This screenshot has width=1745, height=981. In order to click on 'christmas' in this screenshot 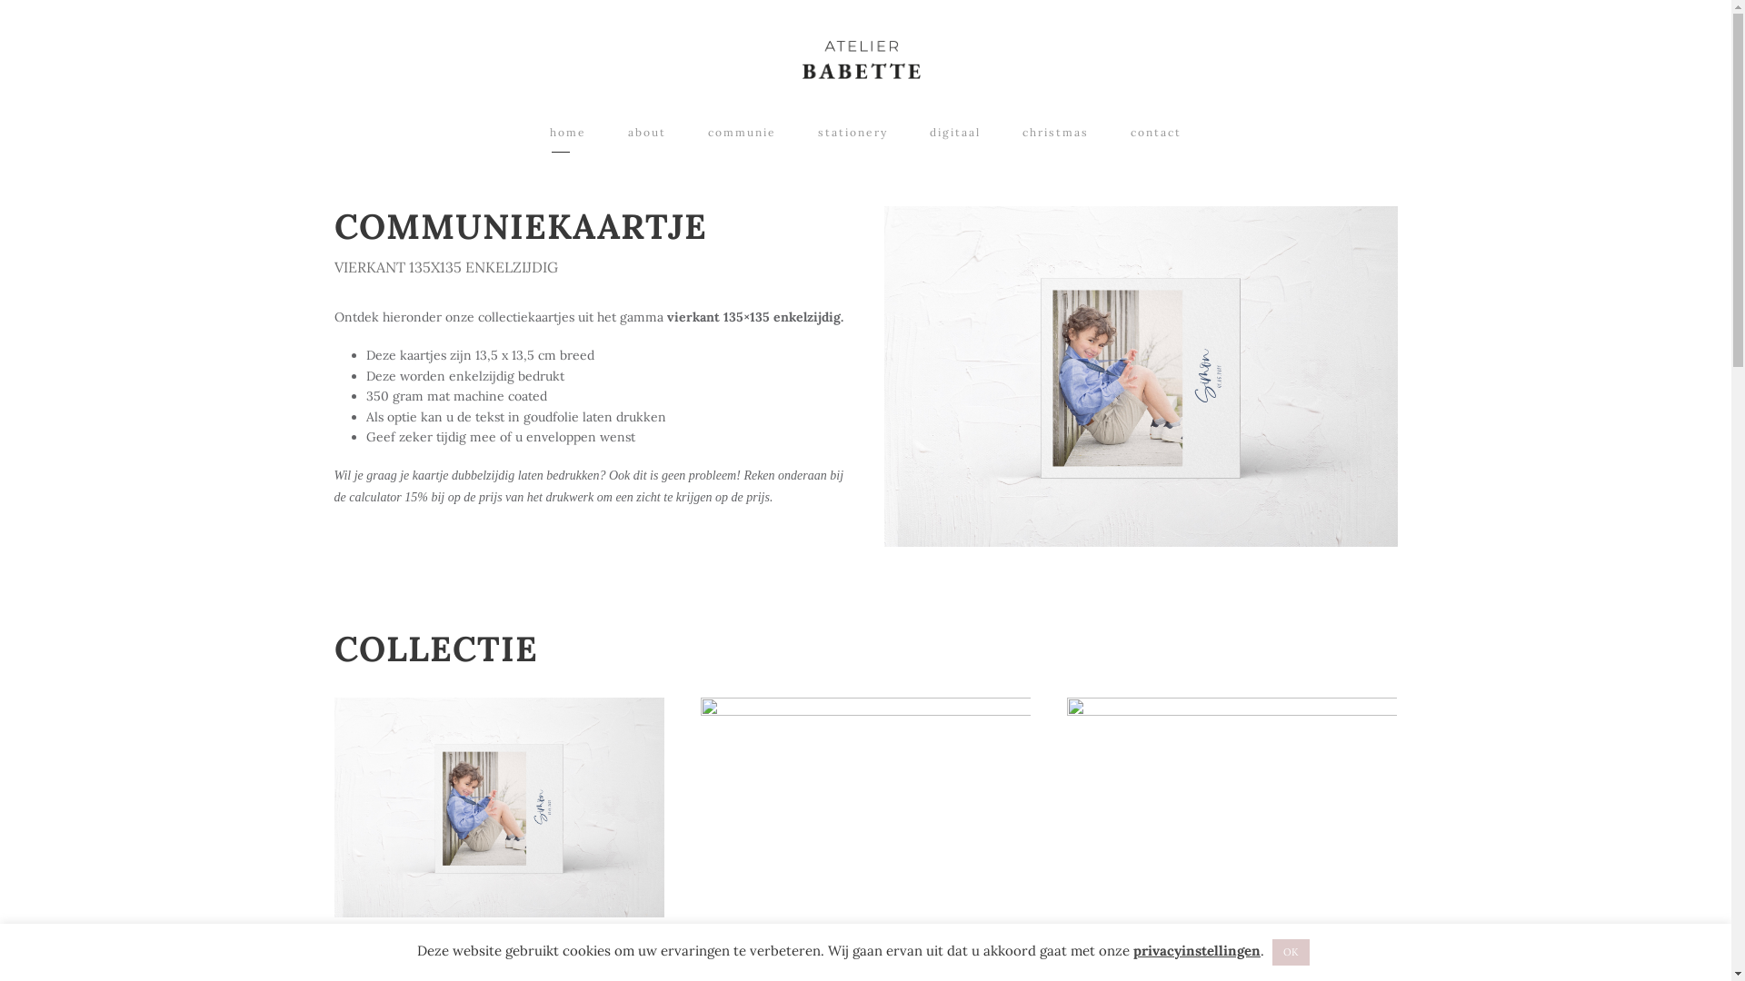, I will do `click(1022, 135)`.